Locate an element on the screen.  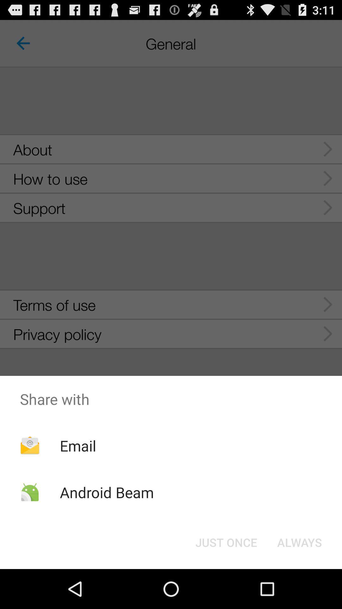
always button is located at coordinates (299, 542).